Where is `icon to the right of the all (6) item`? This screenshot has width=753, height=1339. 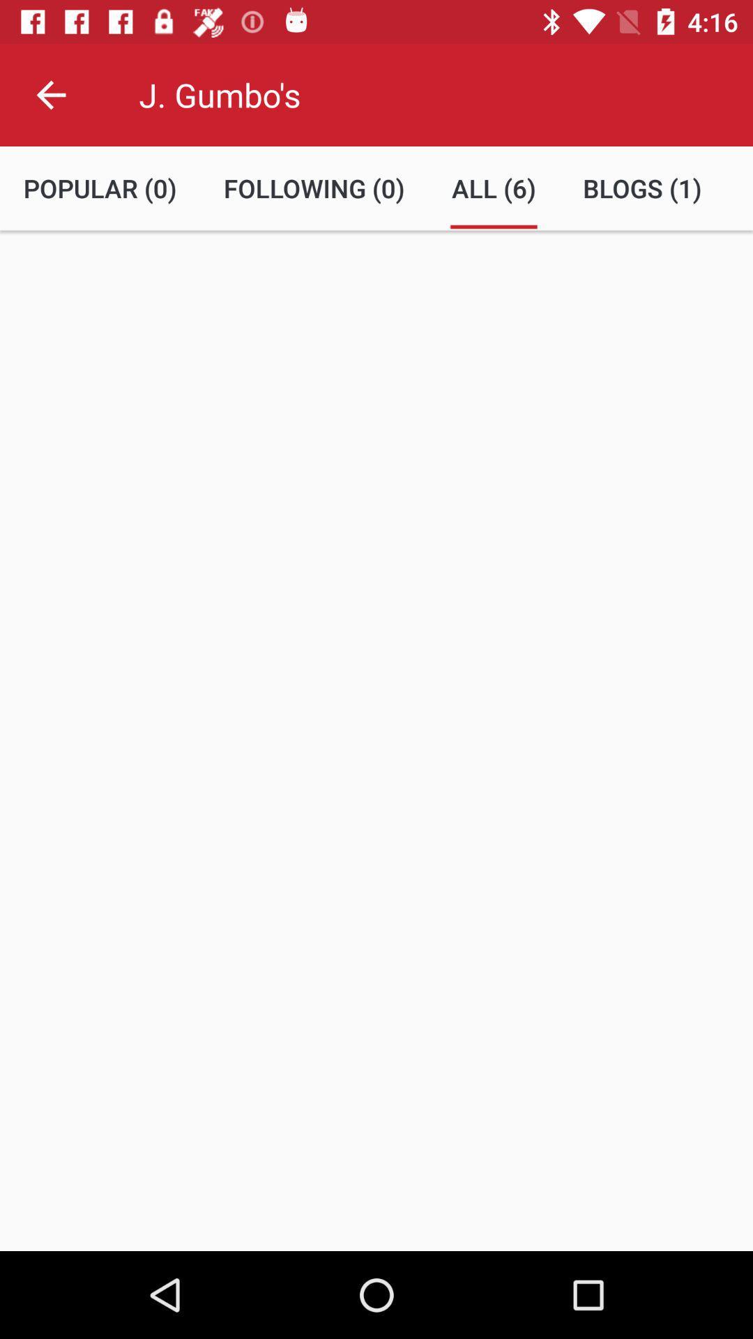 icon to the right of the all (6) item is located at coordinates (642, 188).